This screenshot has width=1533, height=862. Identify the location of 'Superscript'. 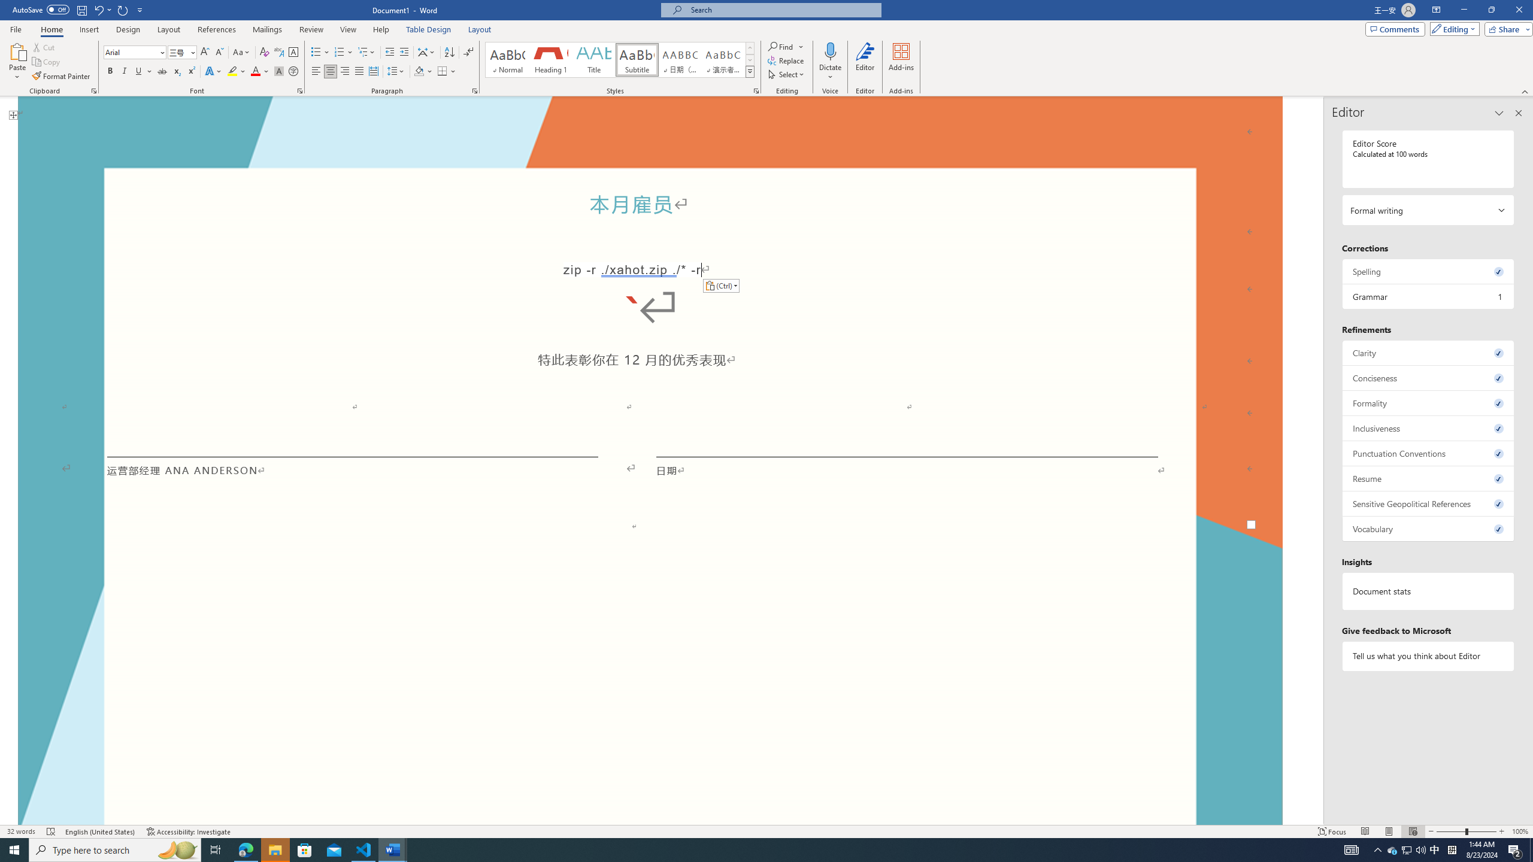
(190, 71).